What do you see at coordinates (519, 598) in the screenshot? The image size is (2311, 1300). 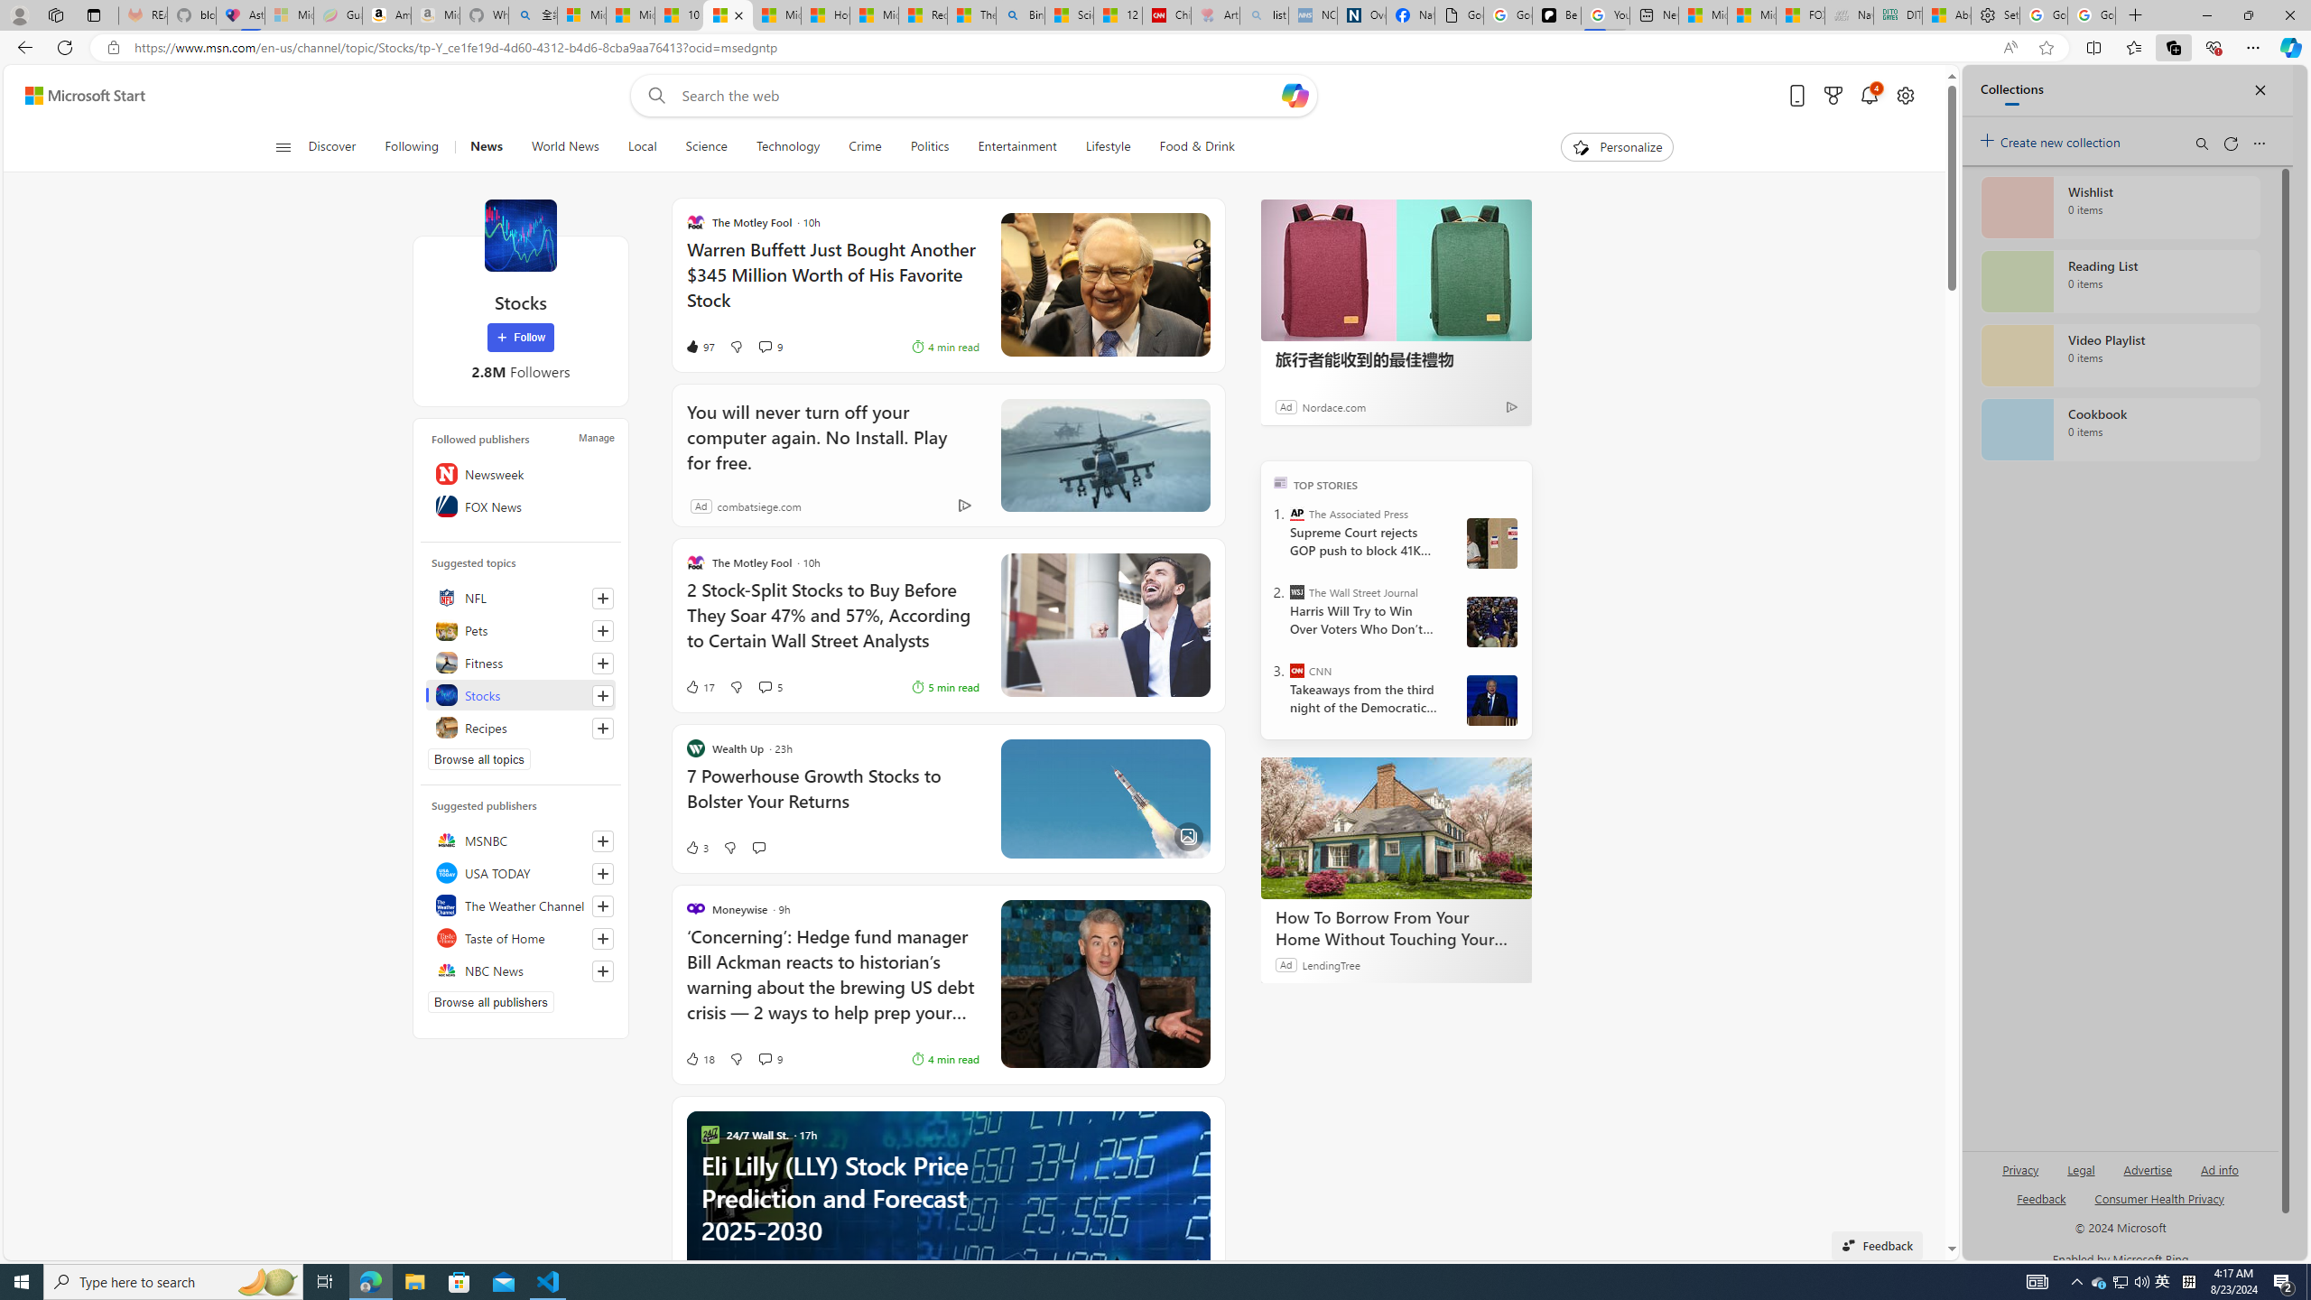 I see `'NFL'` at bounding box center [519, 598].